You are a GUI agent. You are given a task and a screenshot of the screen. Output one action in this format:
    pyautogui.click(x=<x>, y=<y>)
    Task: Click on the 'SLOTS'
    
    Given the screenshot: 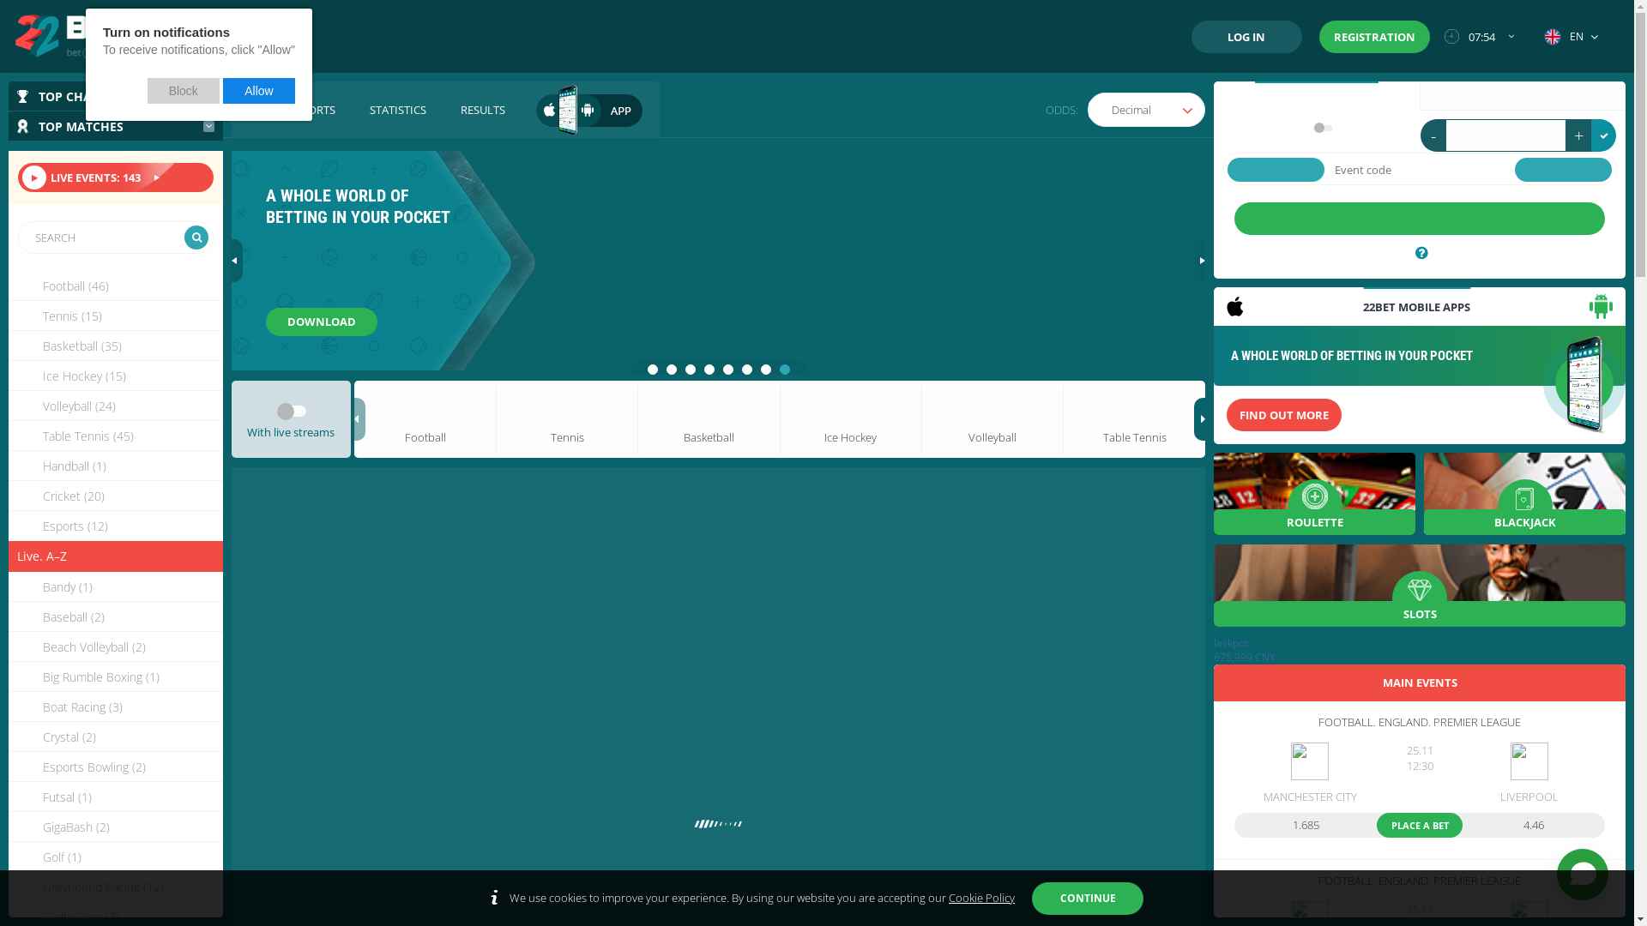 What is the action you would take?
    pyautogui.click(x=1420, y=584)
    